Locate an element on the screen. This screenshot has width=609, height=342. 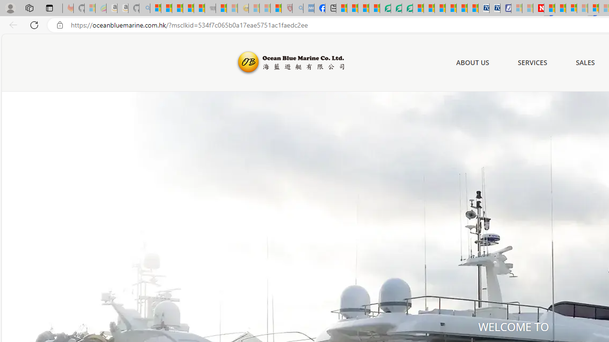
'ABOUT US' is located at coordinates (472, 62).